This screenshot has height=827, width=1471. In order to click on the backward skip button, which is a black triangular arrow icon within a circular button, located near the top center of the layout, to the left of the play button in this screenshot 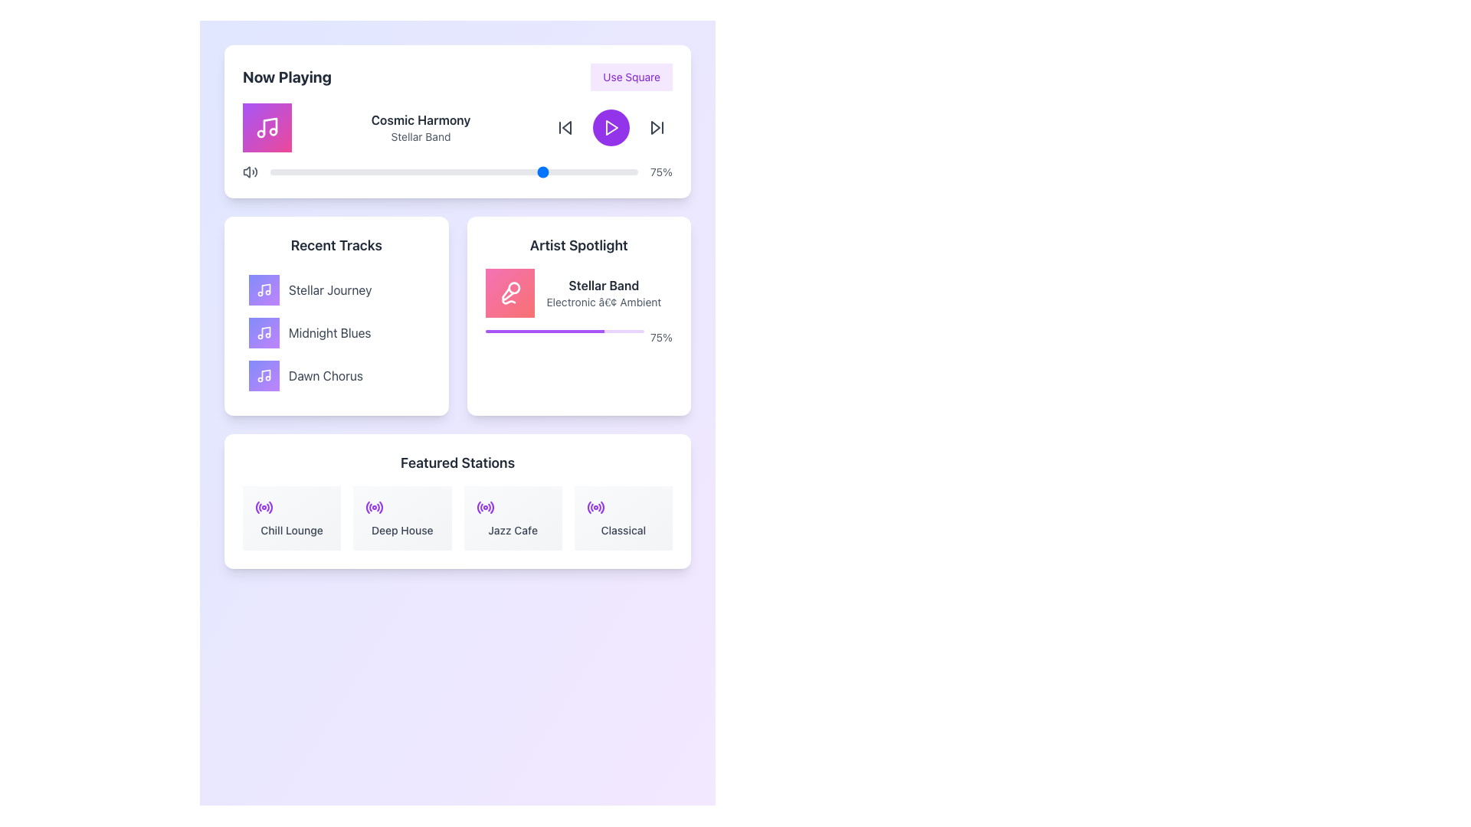, I will do `click(565, 126)`.